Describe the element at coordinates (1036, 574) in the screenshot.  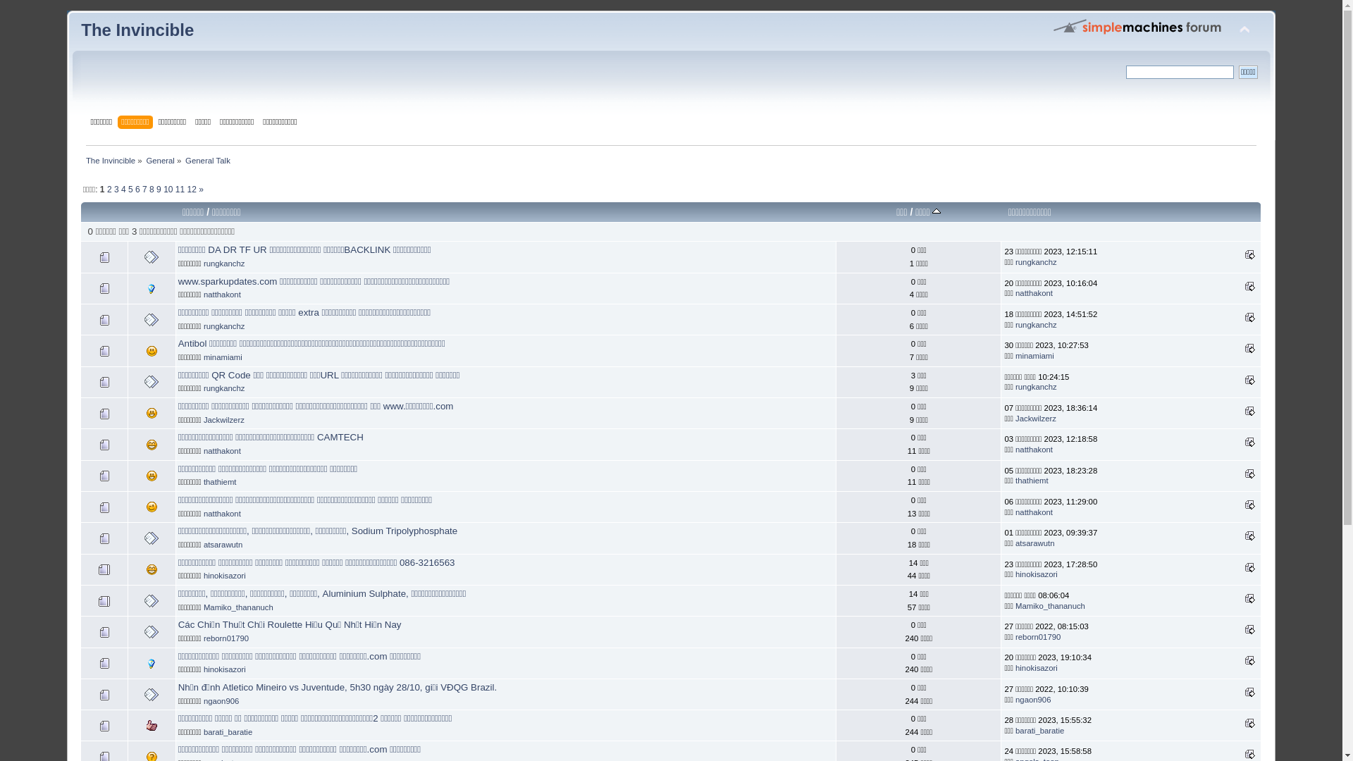
I see `'hinokisazori'` at that location.